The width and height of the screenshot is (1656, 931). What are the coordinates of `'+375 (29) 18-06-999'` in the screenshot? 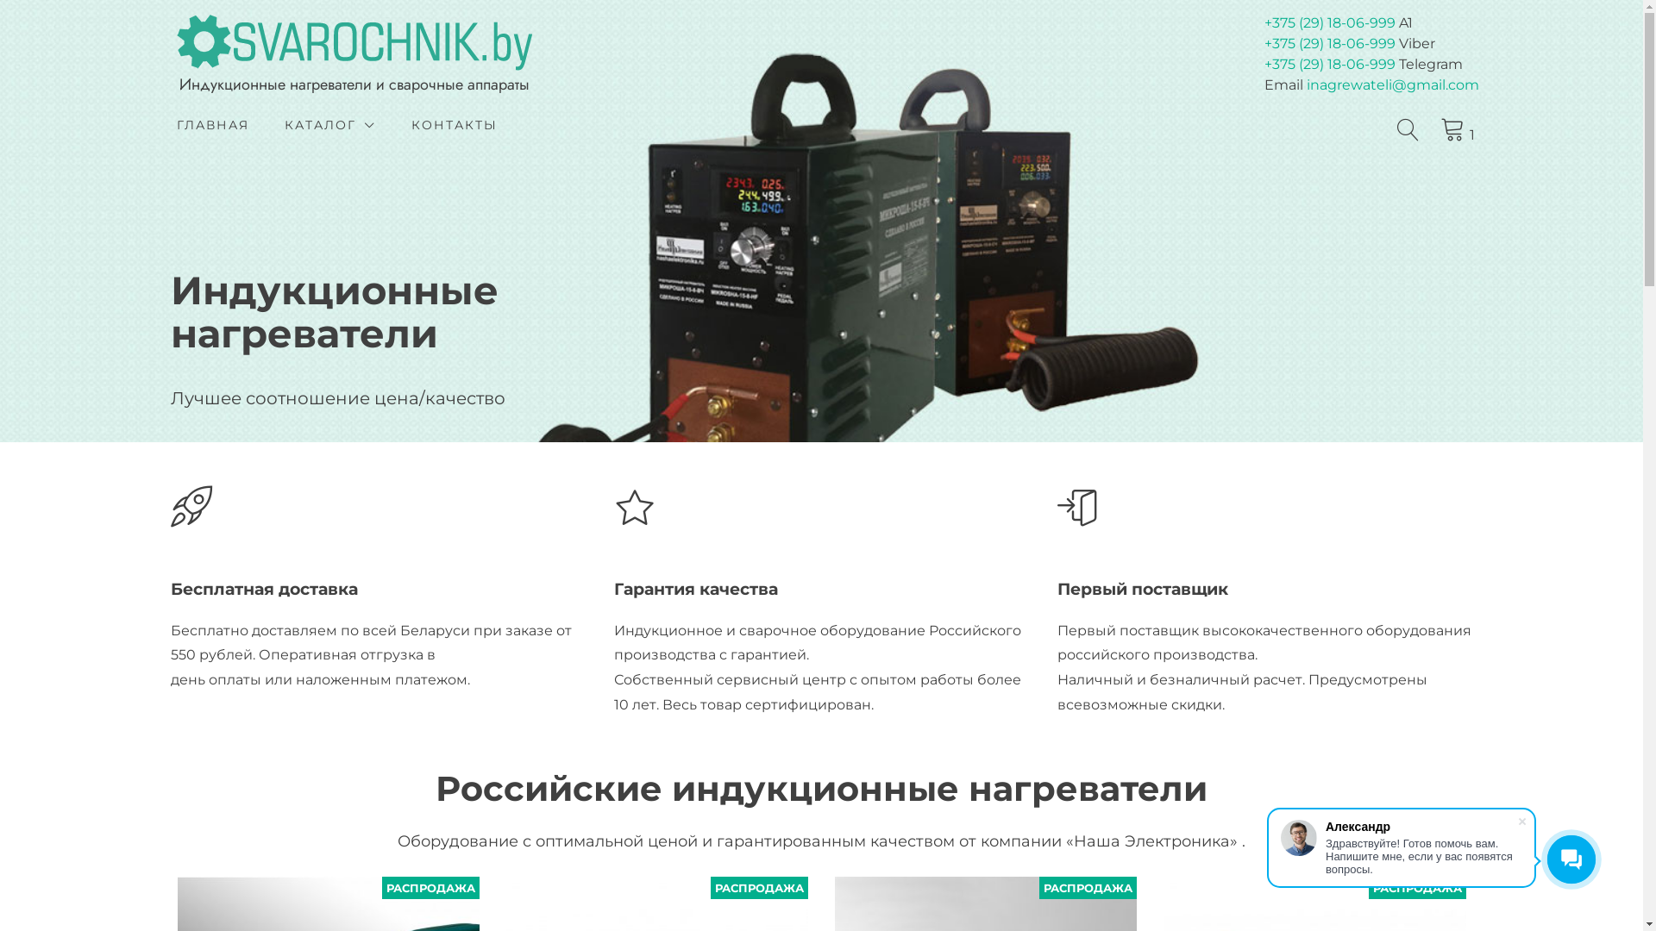 It's located at (1328, 22).